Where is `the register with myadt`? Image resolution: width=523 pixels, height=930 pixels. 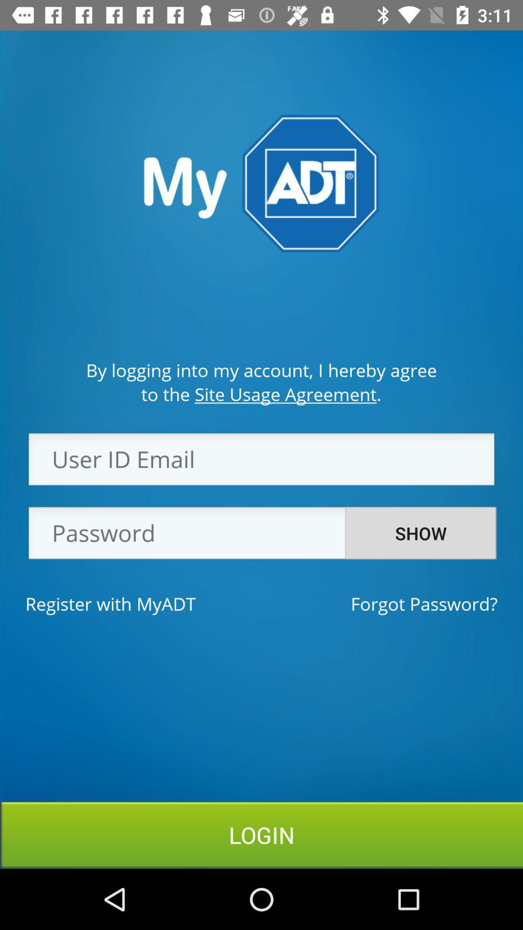
the register with myadt is located at coordinates (110, 603).